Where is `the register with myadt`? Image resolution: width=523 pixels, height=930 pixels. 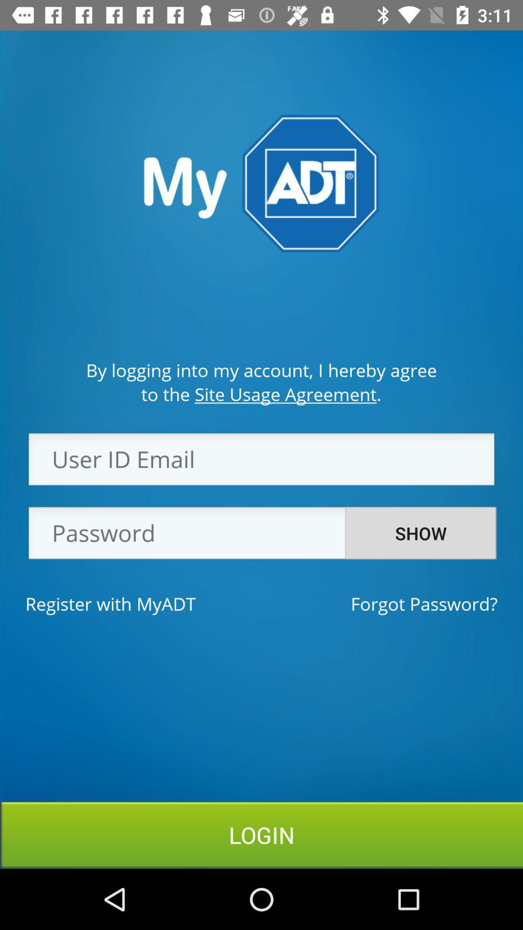
the register with myadt is located at coordinates (110, 603).